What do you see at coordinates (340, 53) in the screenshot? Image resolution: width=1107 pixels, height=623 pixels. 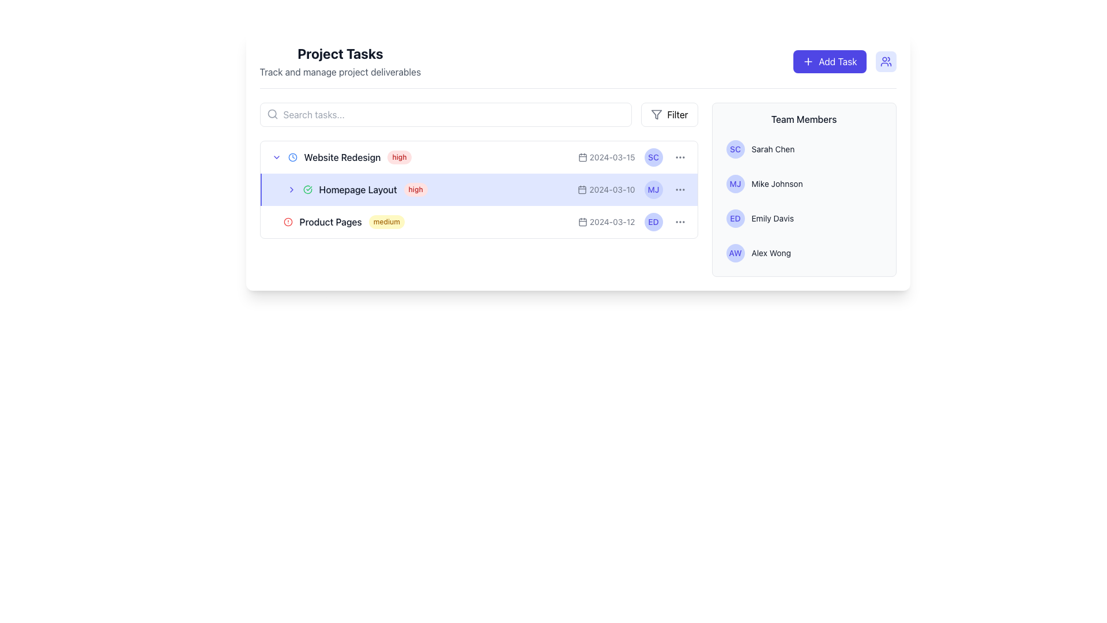 I see `the header text labeled 'Project Tasks', which is presented in a bold font and is the primary title above the subtitle in the top-left area of the interface` at bounding box center [340, 53].